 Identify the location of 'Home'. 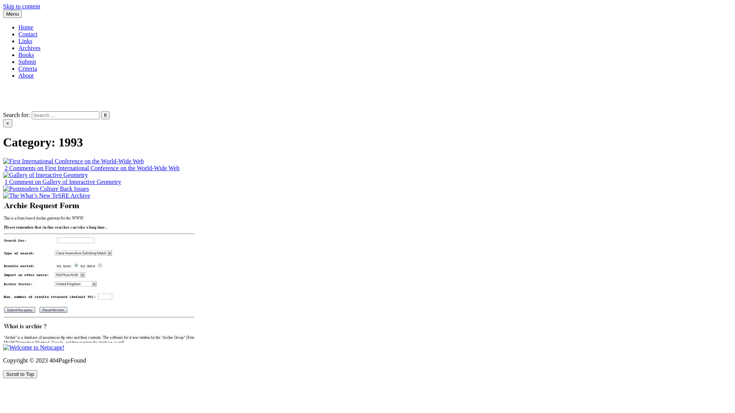
(26, 27).